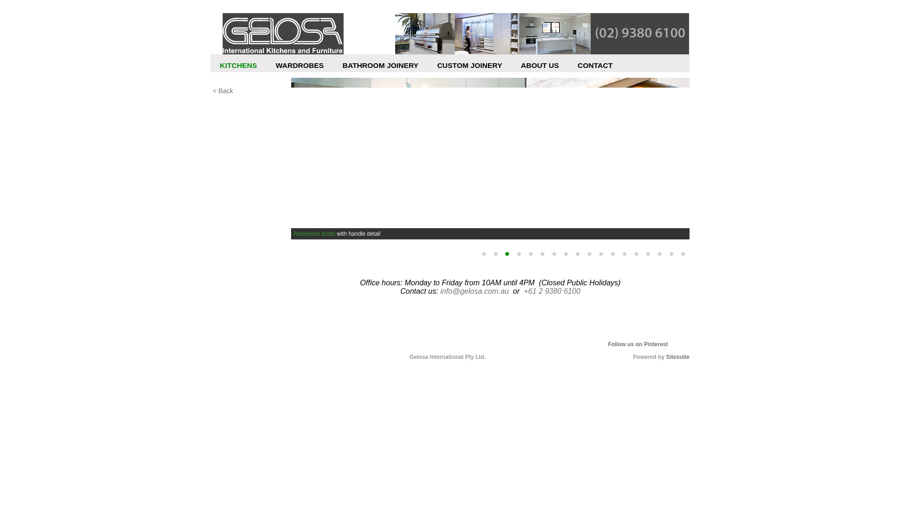  What do you see at coordinates (299, 67) in the screenshot?
I see `'WARDROBES'` at bounding box center [299, 67].